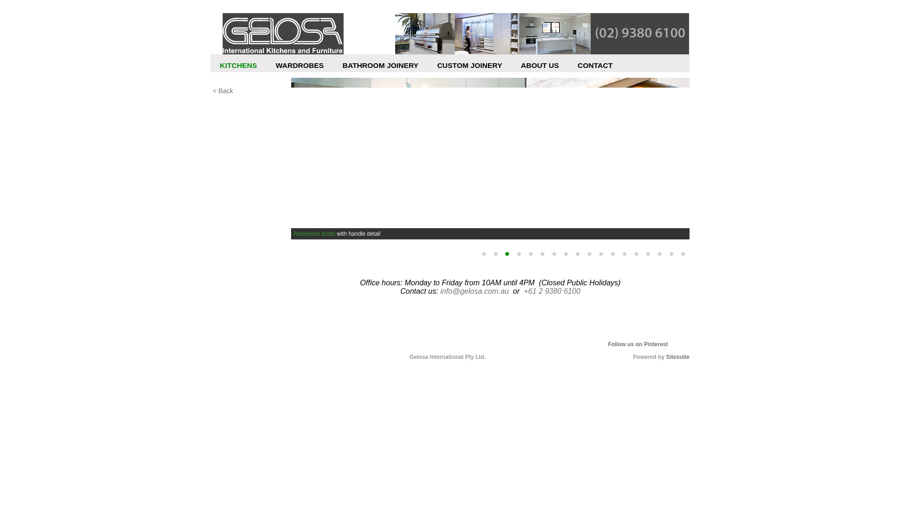  What do you see at coordinates (299, 67) in the screenshot?
I see `'WARDROBES'` at bounding box center [299, 67].